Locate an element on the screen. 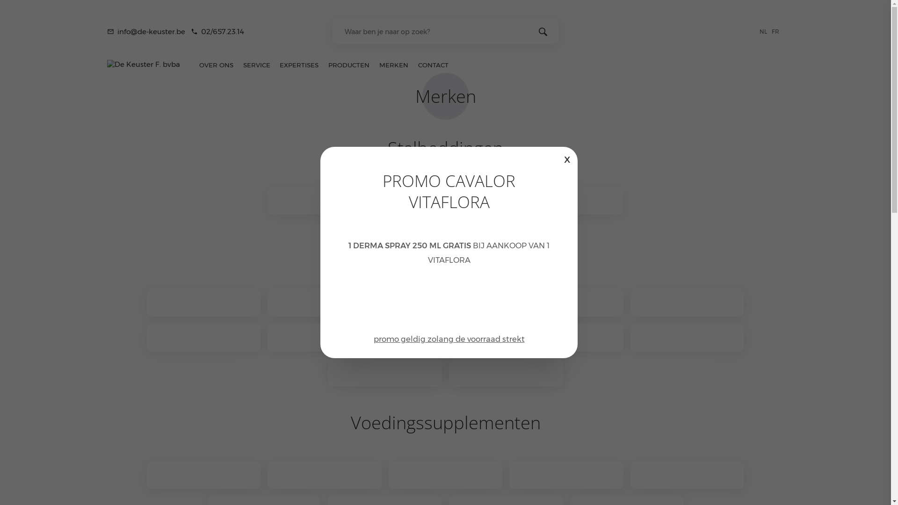 The height and width of the screenshot is (505, 898). 'CONTACT' is located at coordinates (413, 64).